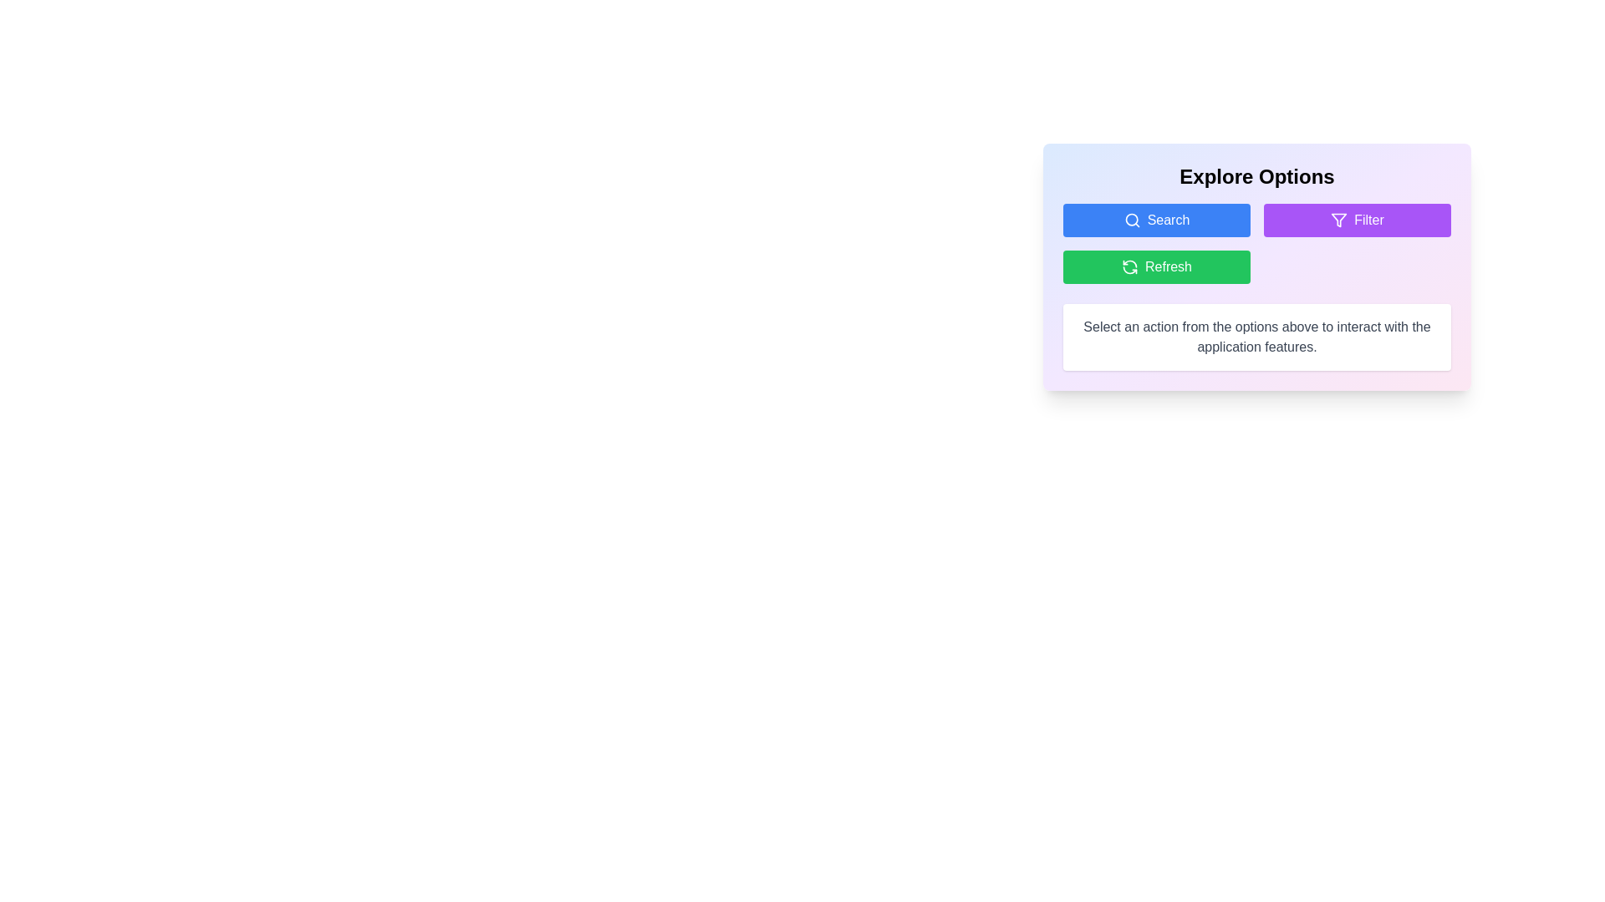 The image size is (1605, 902). I want to click on the 'Filter' button with a purple background and white text, so click(1357, 219).